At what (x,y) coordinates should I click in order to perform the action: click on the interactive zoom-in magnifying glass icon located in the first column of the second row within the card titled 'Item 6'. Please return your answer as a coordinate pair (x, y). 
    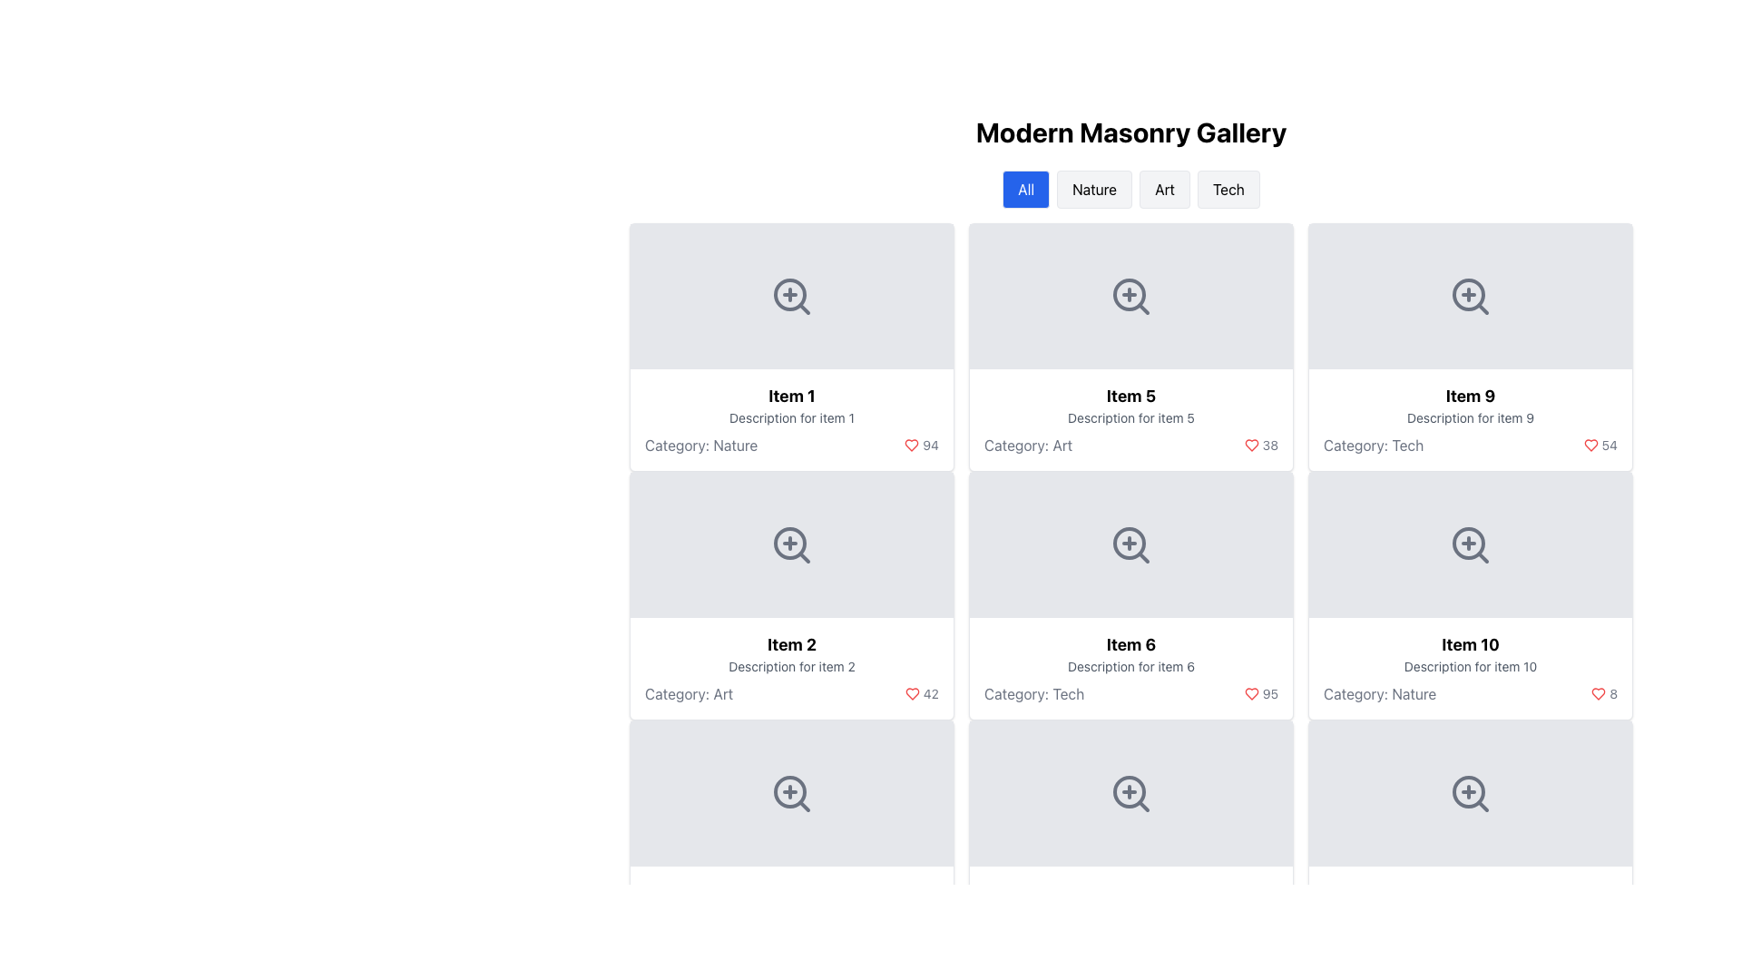
    Looking at the image, I should click on (1130, 544).